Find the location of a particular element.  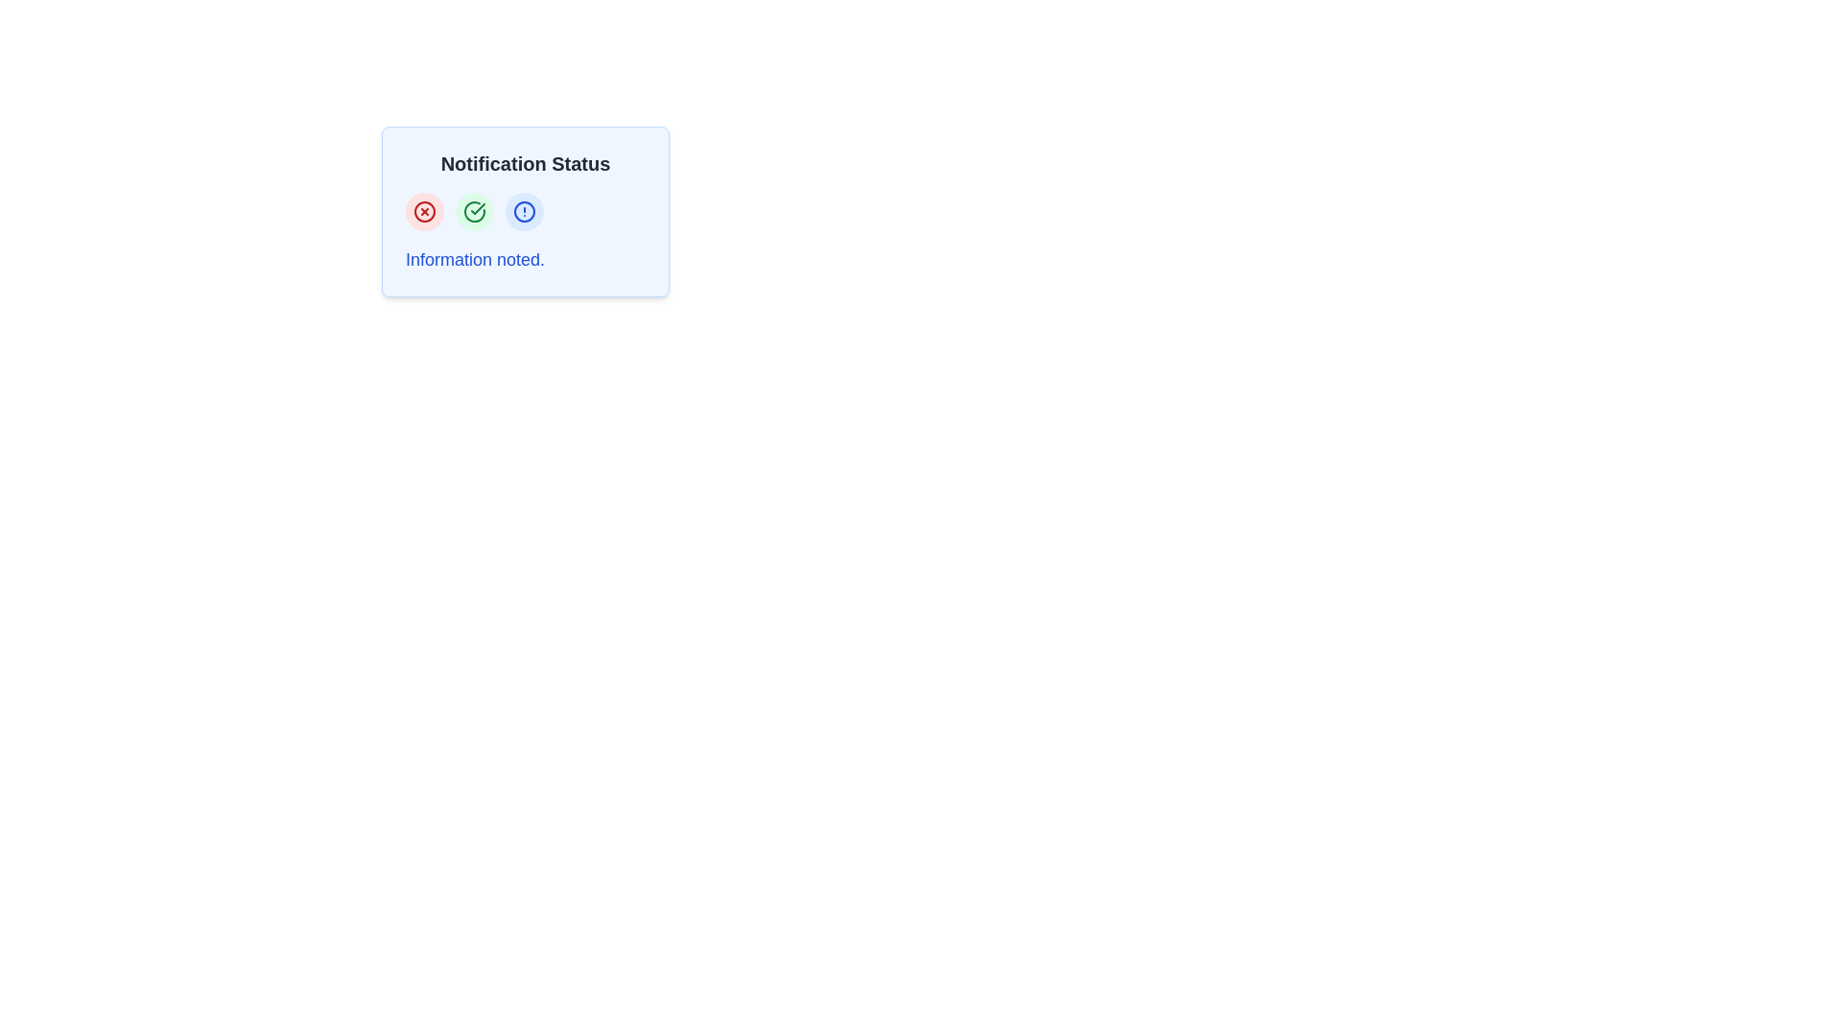

the middle circular button for approval or confirmation, which is located below the 'Notification Status' label and above the 'Information noted' text is located at coordinates (474, 211).